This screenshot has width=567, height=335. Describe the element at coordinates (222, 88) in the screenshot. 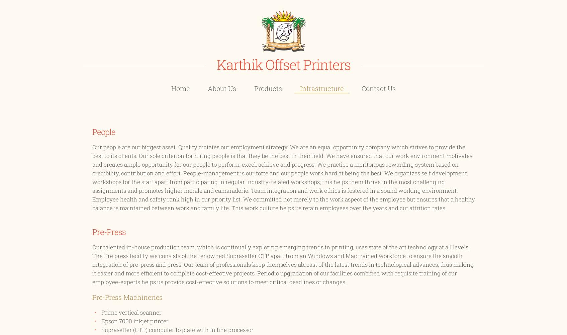

I see `'About Us'` at that location.